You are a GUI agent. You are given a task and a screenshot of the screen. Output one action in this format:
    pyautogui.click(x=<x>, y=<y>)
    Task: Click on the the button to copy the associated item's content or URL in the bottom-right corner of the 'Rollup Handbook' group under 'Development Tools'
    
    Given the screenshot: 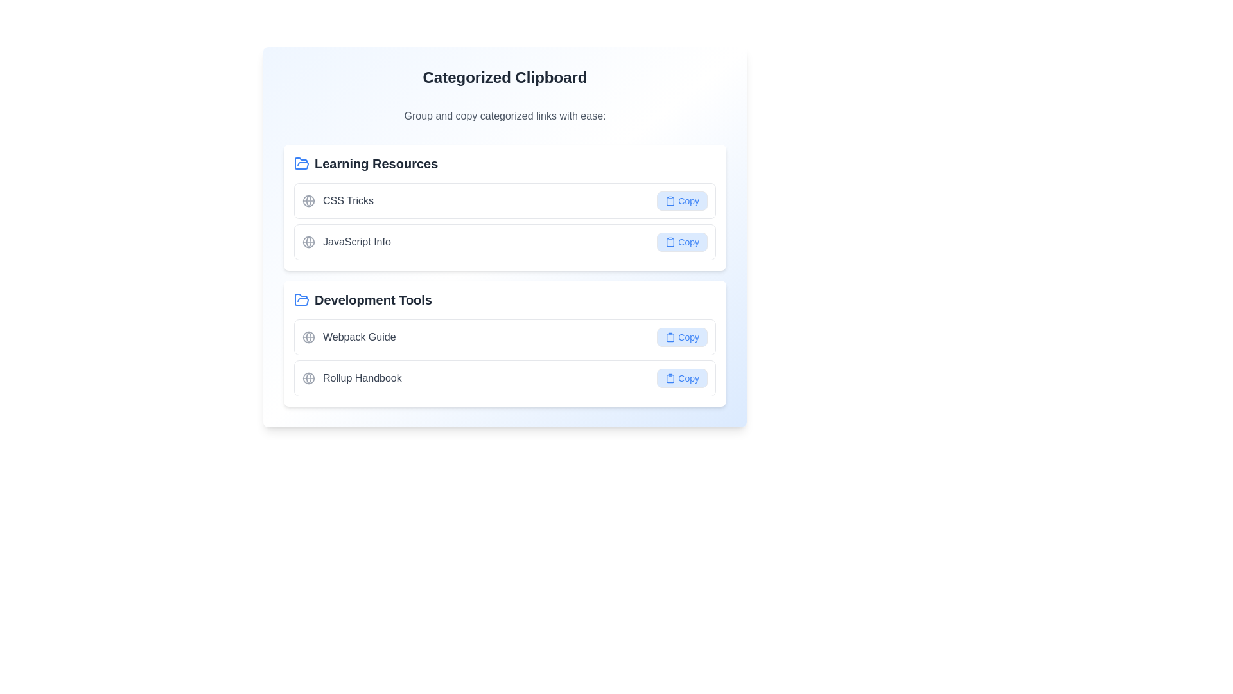 What is the action you would take?
    pyautogui.click(x=681, y=378)
    